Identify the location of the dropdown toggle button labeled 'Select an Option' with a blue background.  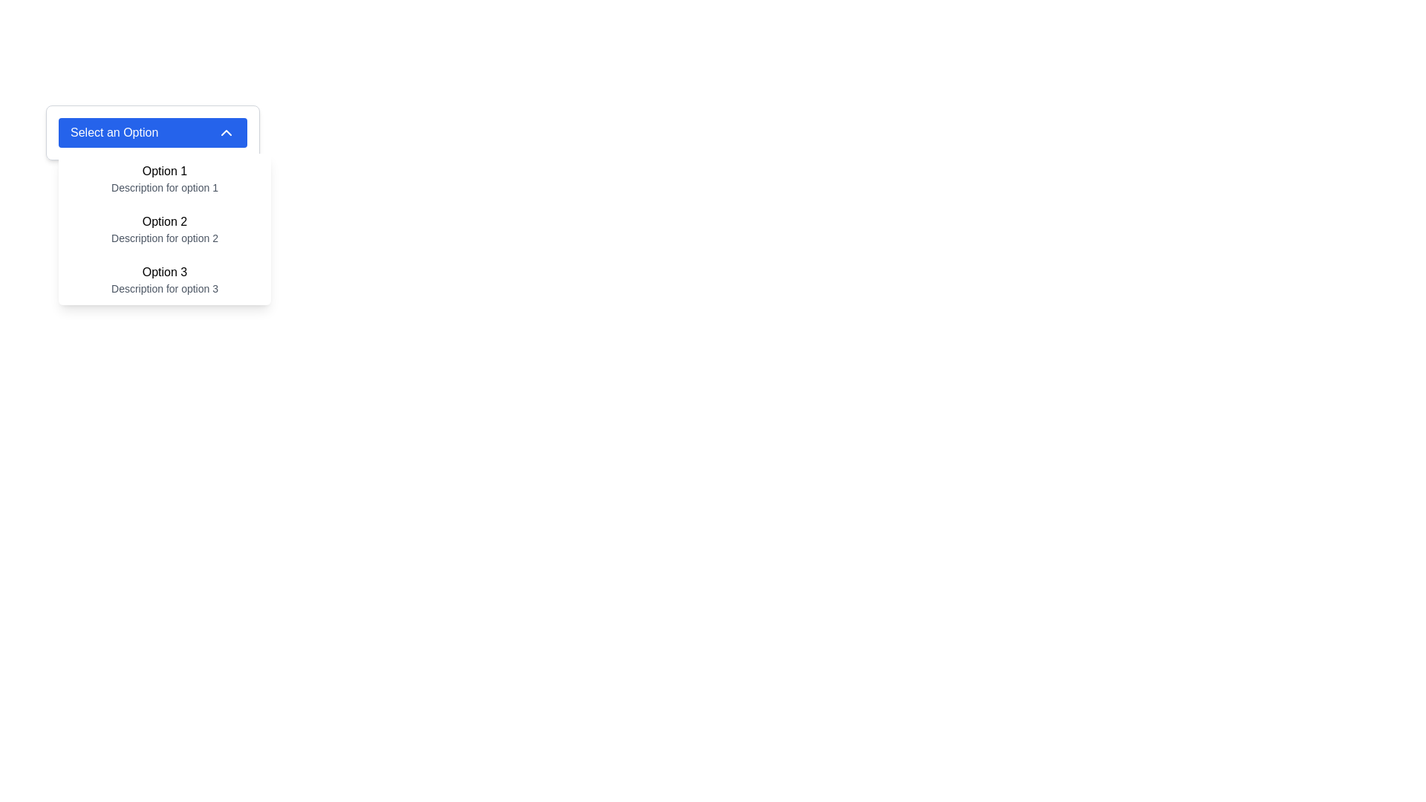
(153, 131).